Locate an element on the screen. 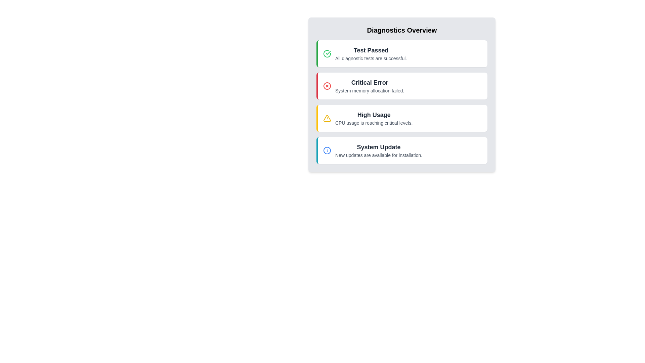 Image resolution: width=645 pixels, height=363 pixels. the Alert/message block displaying 'High Usage' with the description 'CPU usage is reaching critical levels.' is located at coordinates (374, 118).